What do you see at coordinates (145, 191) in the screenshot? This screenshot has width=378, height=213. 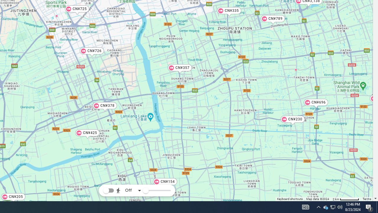 I see `'Reachability slider'` at bounding box center [145, 191].